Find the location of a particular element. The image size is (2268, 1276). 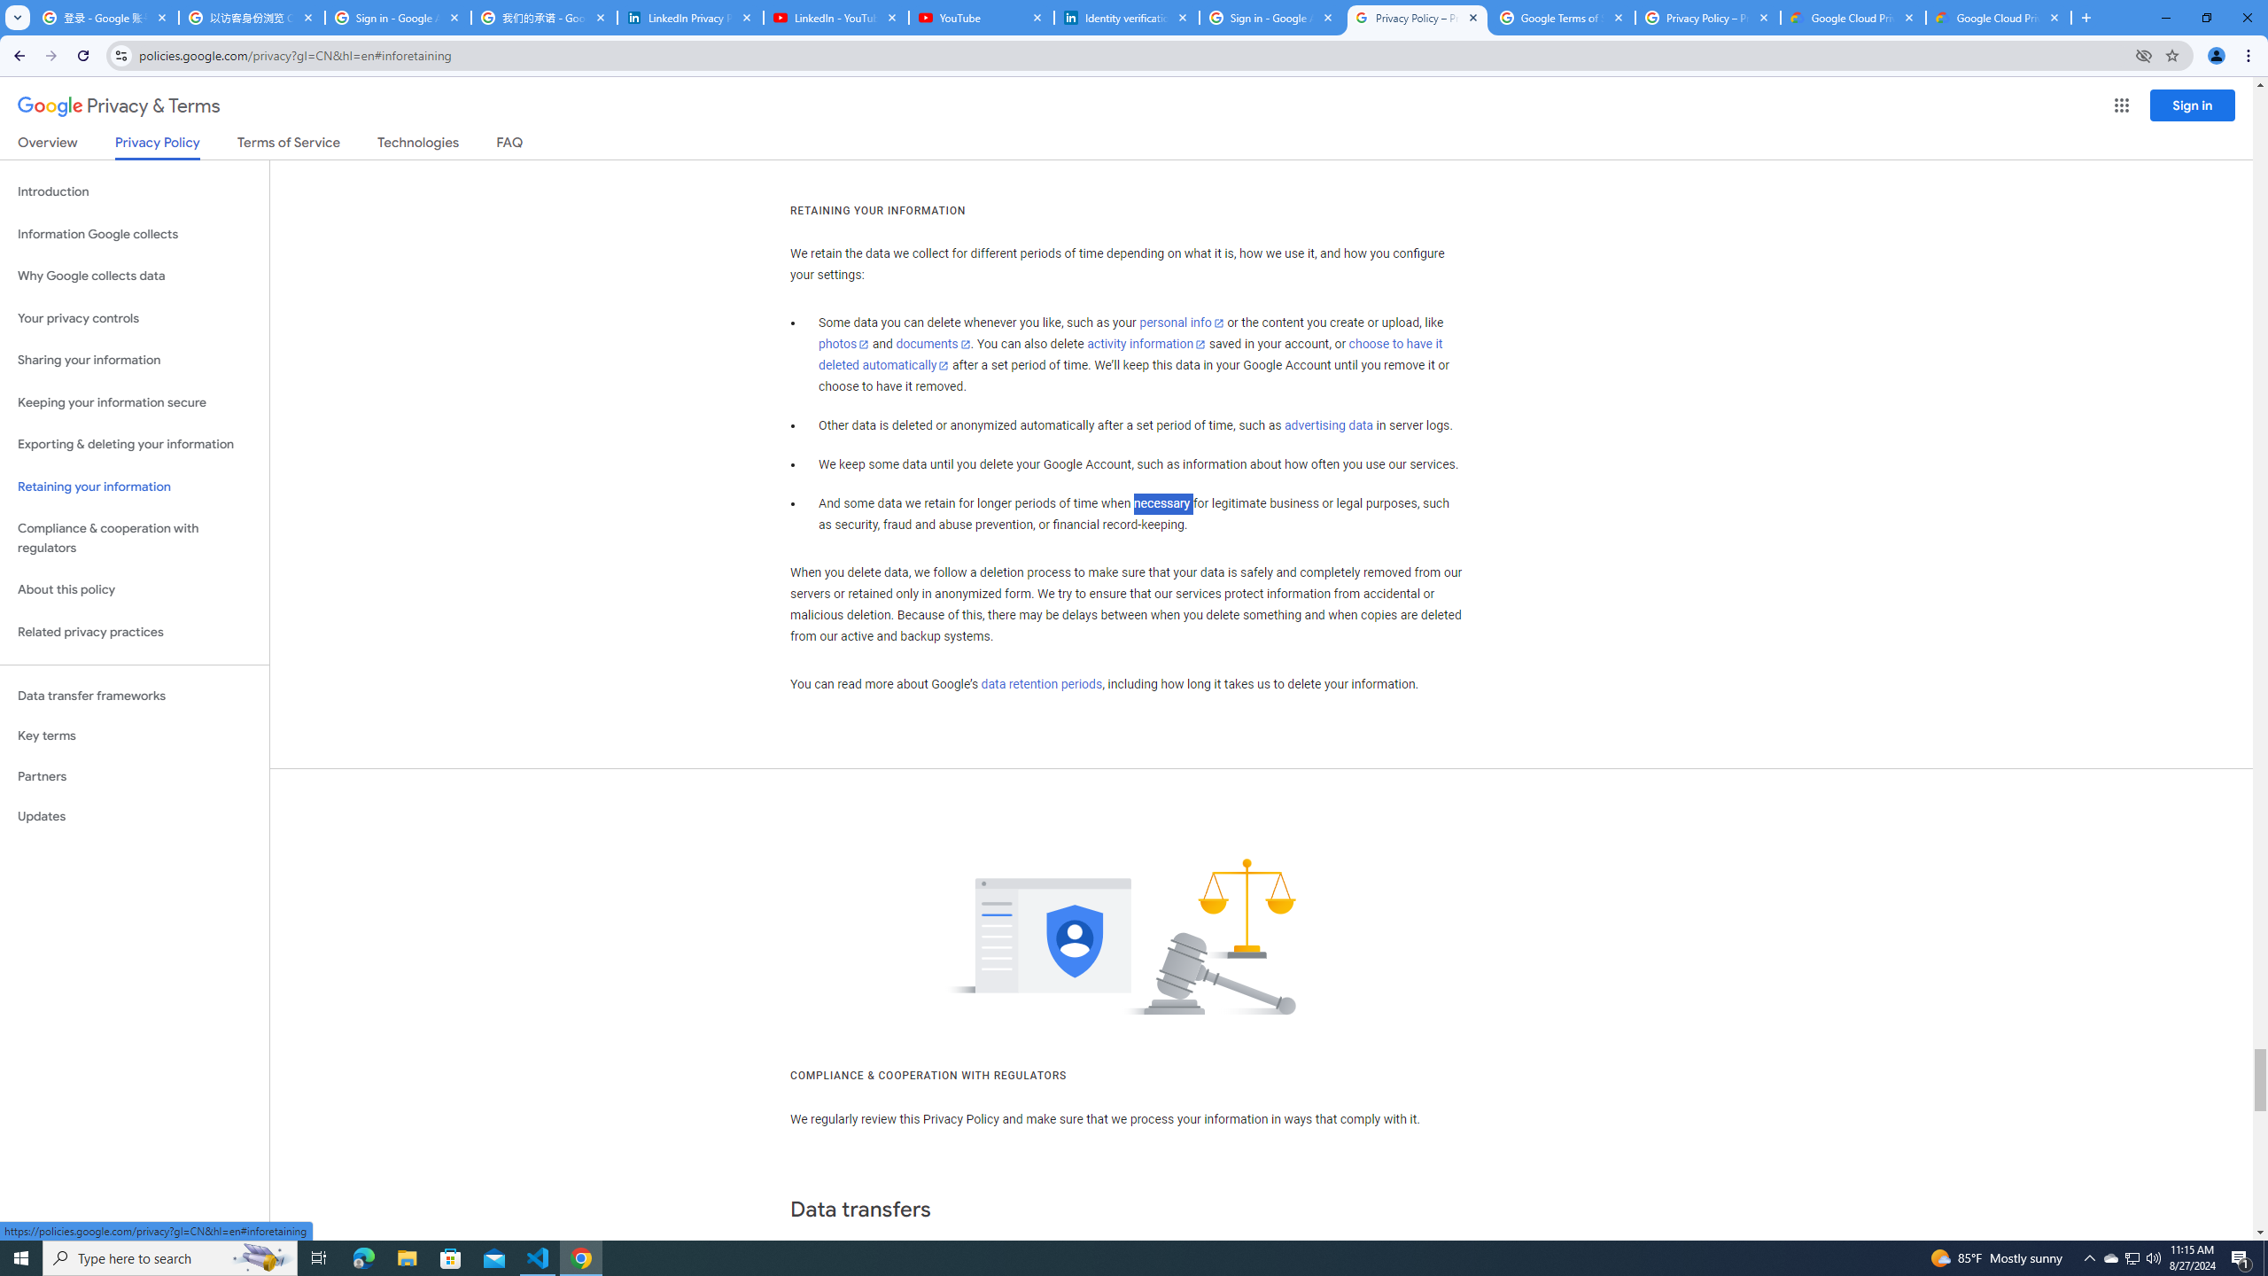

'Retaining your information' is located at coordinates (134, 486).